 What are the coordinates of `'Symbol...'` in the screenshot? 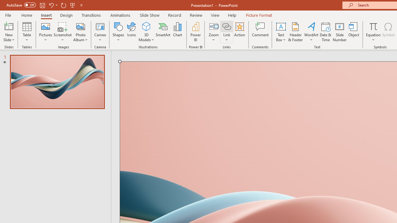 It's located at (388, 32).